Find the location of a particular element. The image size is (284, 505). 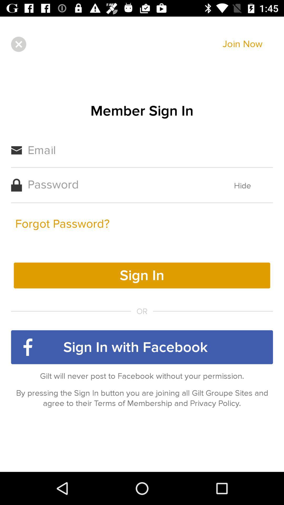

the password is located at coordinates (120, 184).